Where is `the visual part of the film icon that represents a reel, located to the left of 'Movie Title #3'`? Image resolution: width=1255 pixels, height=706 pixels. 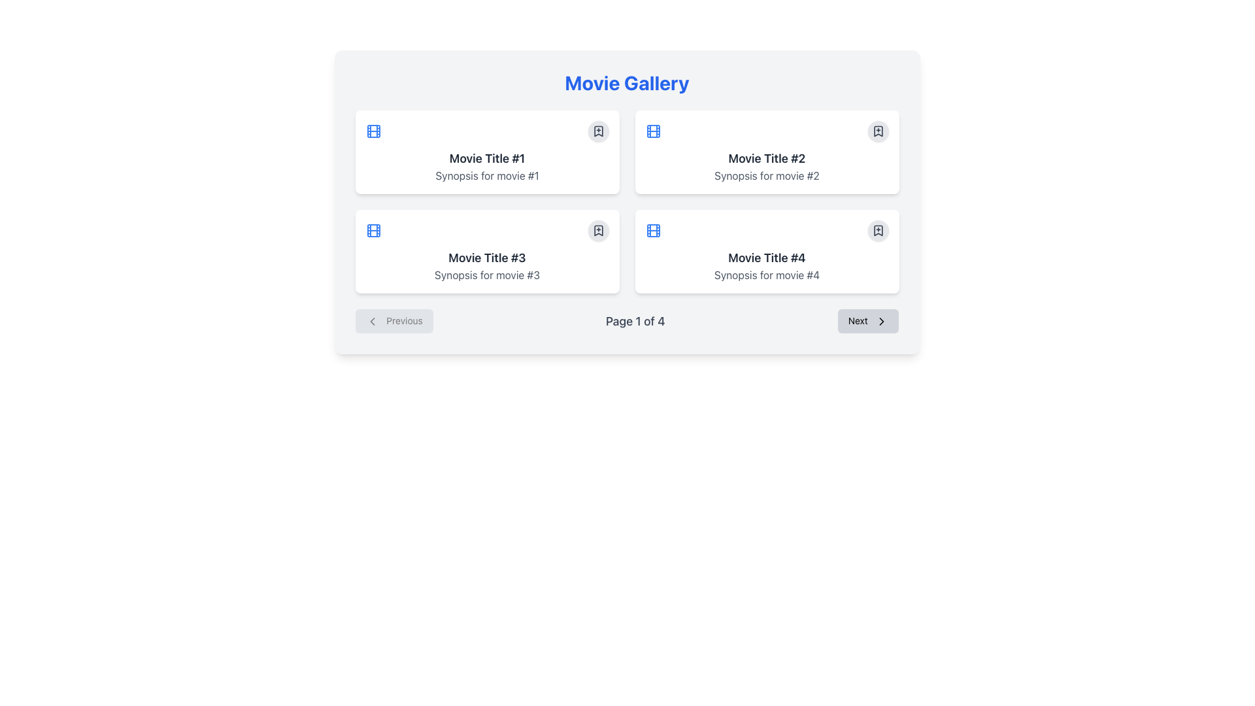 the visual part of the film icon that represents a reel, located to the left of 'Movie Title #3' is located at coordinates (373, 230).